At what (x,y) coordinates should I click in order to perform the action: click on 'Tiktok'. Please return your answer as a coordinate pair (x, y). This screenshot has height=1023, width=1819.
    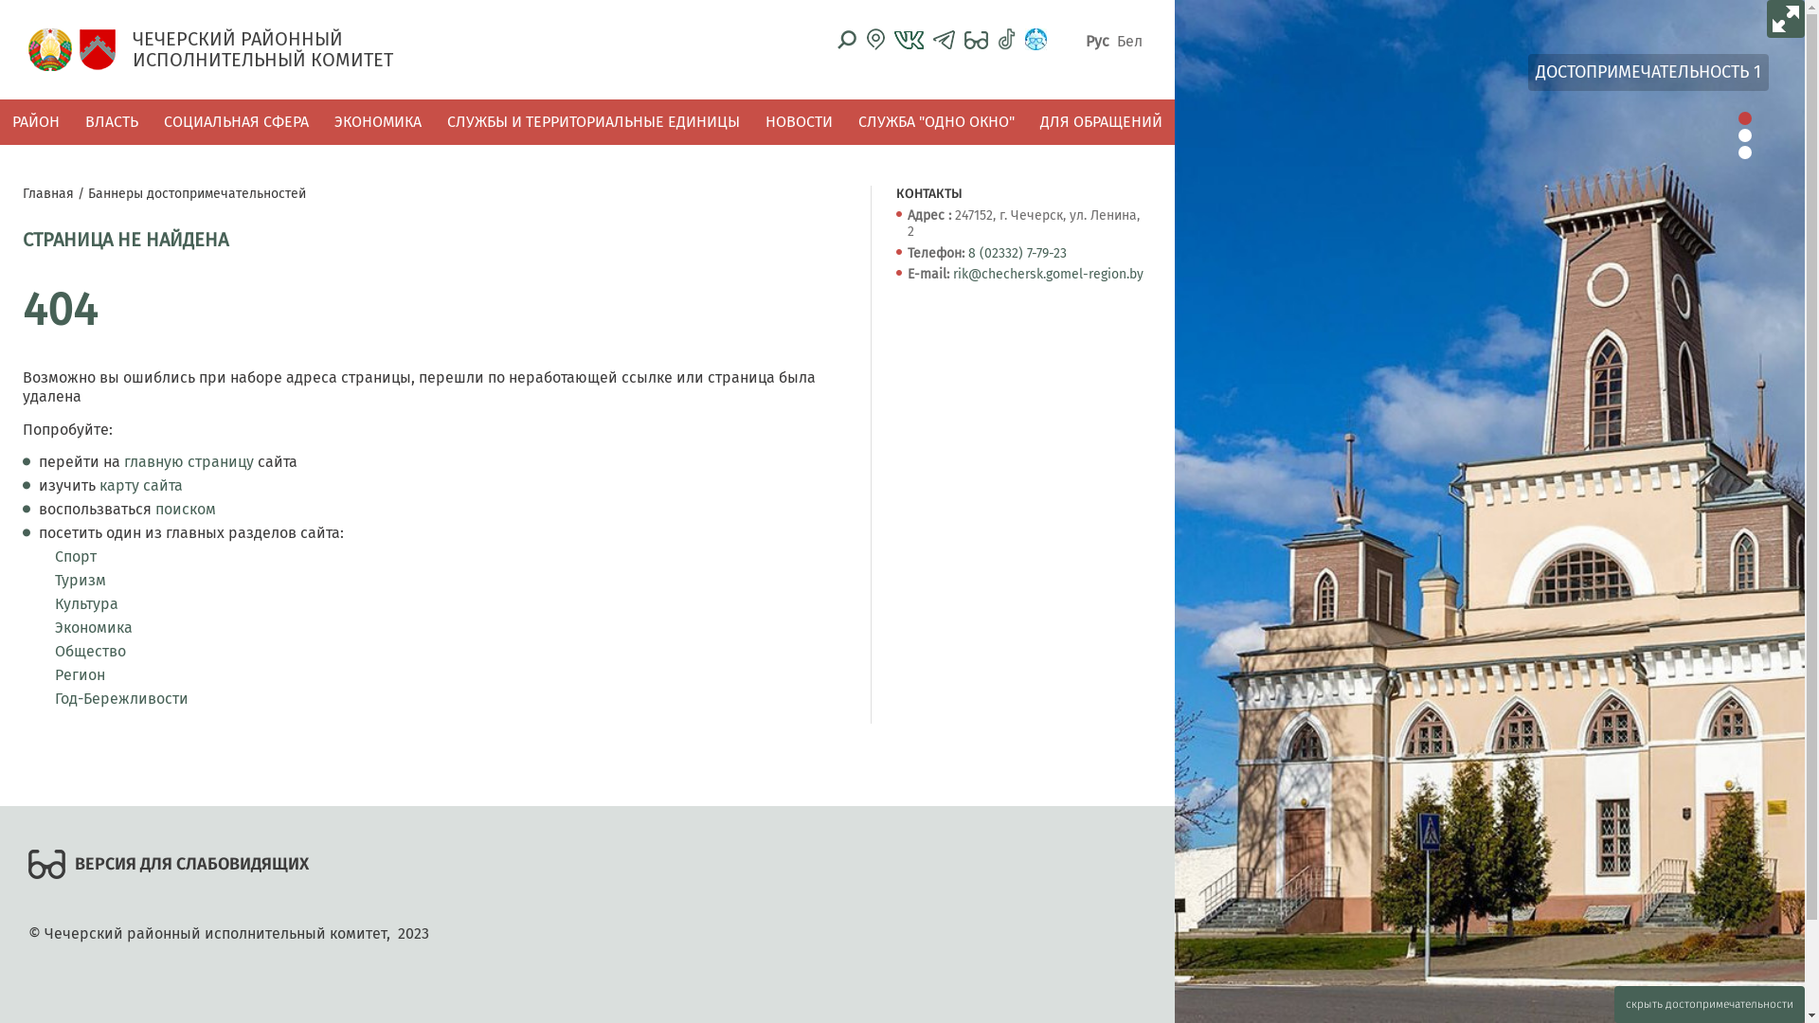
    Looking at the image, I should click on (1005, 39).